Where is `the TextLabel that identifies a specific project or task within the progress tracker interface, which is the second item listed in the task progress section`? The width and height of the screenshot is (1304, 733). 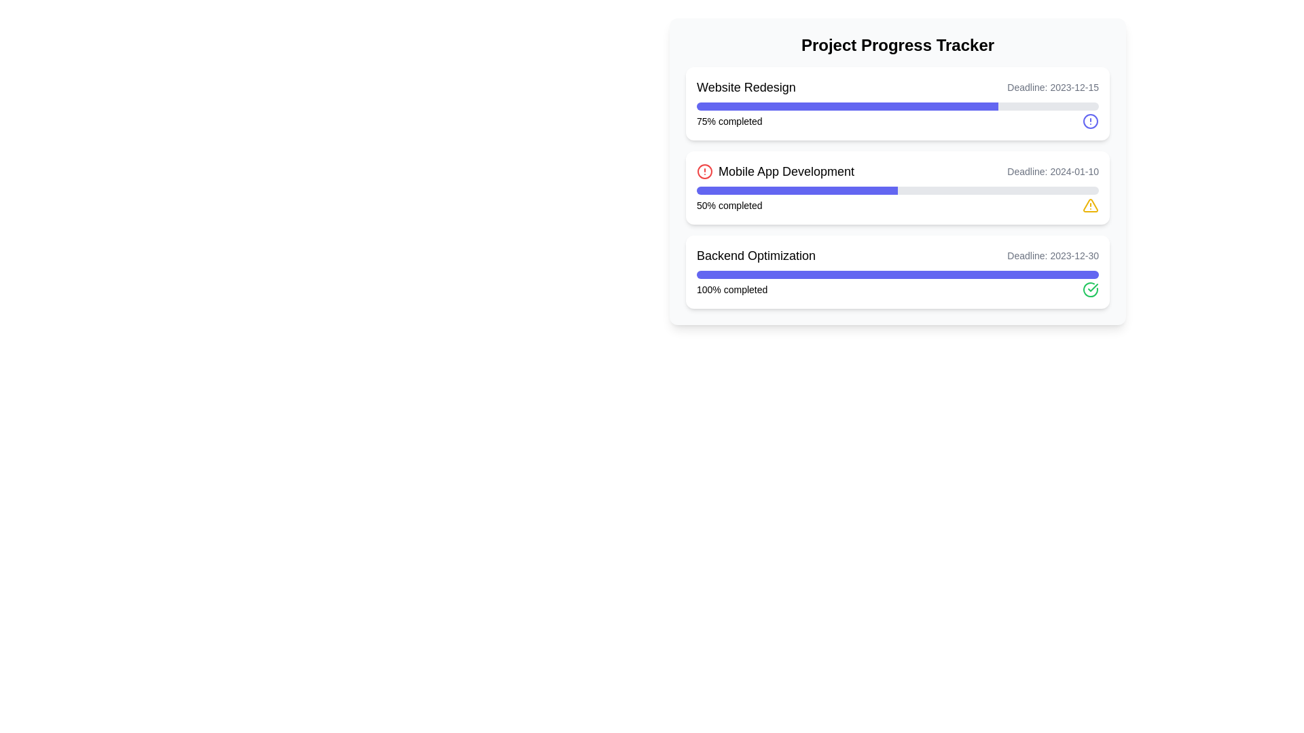
the TextLabel that identifies a specific project or task within the progress tracker interface, which is the second item listed in the task progress section is located at coordinates (776, 171).